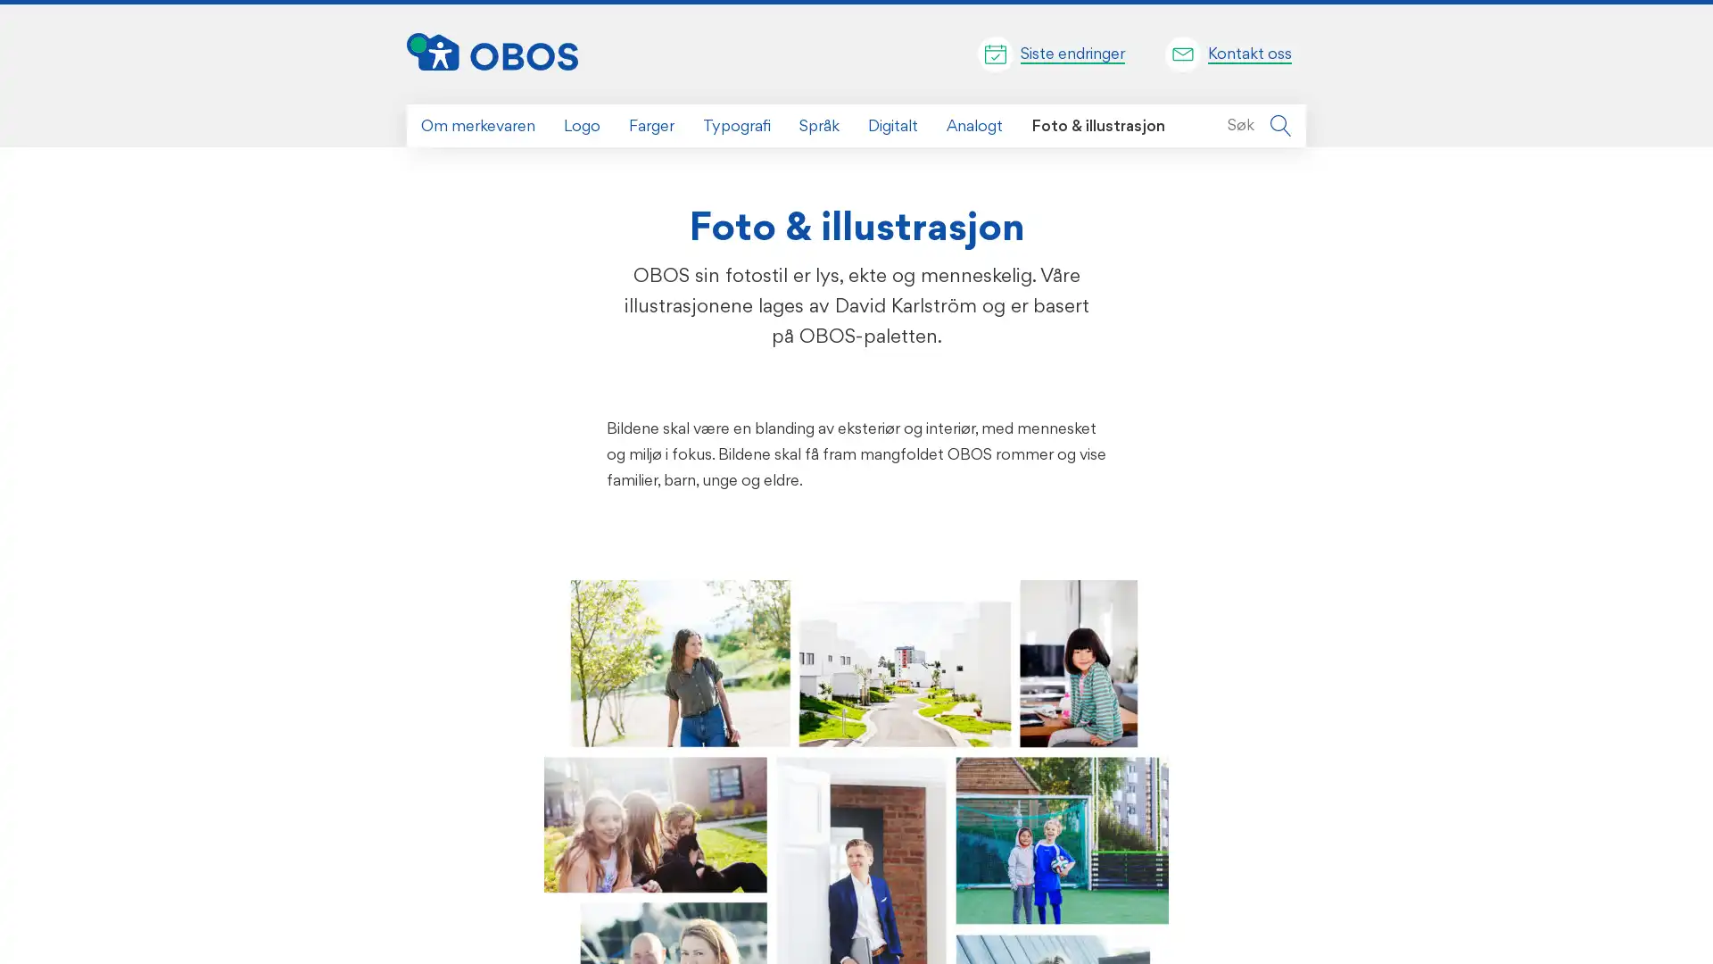  Describe the element at coordinates (1279, 125) in the screenshot. I see `Sk` at that location.